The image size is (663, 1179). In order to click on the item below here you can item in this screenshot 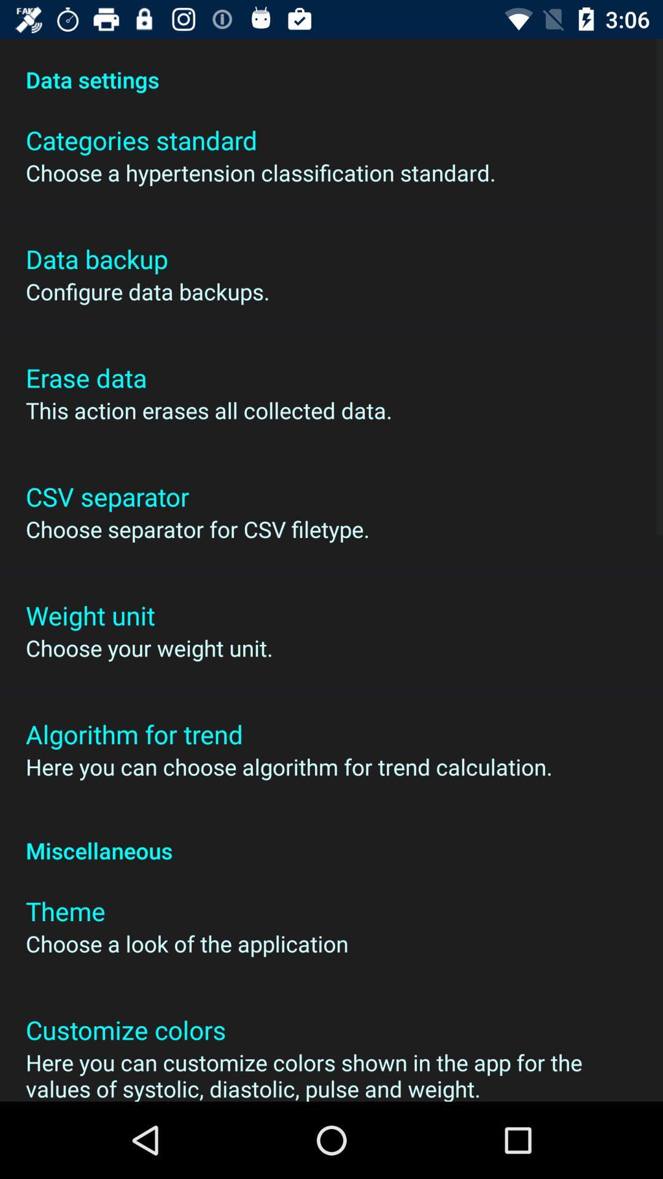, I will do `click(331, 837)`.